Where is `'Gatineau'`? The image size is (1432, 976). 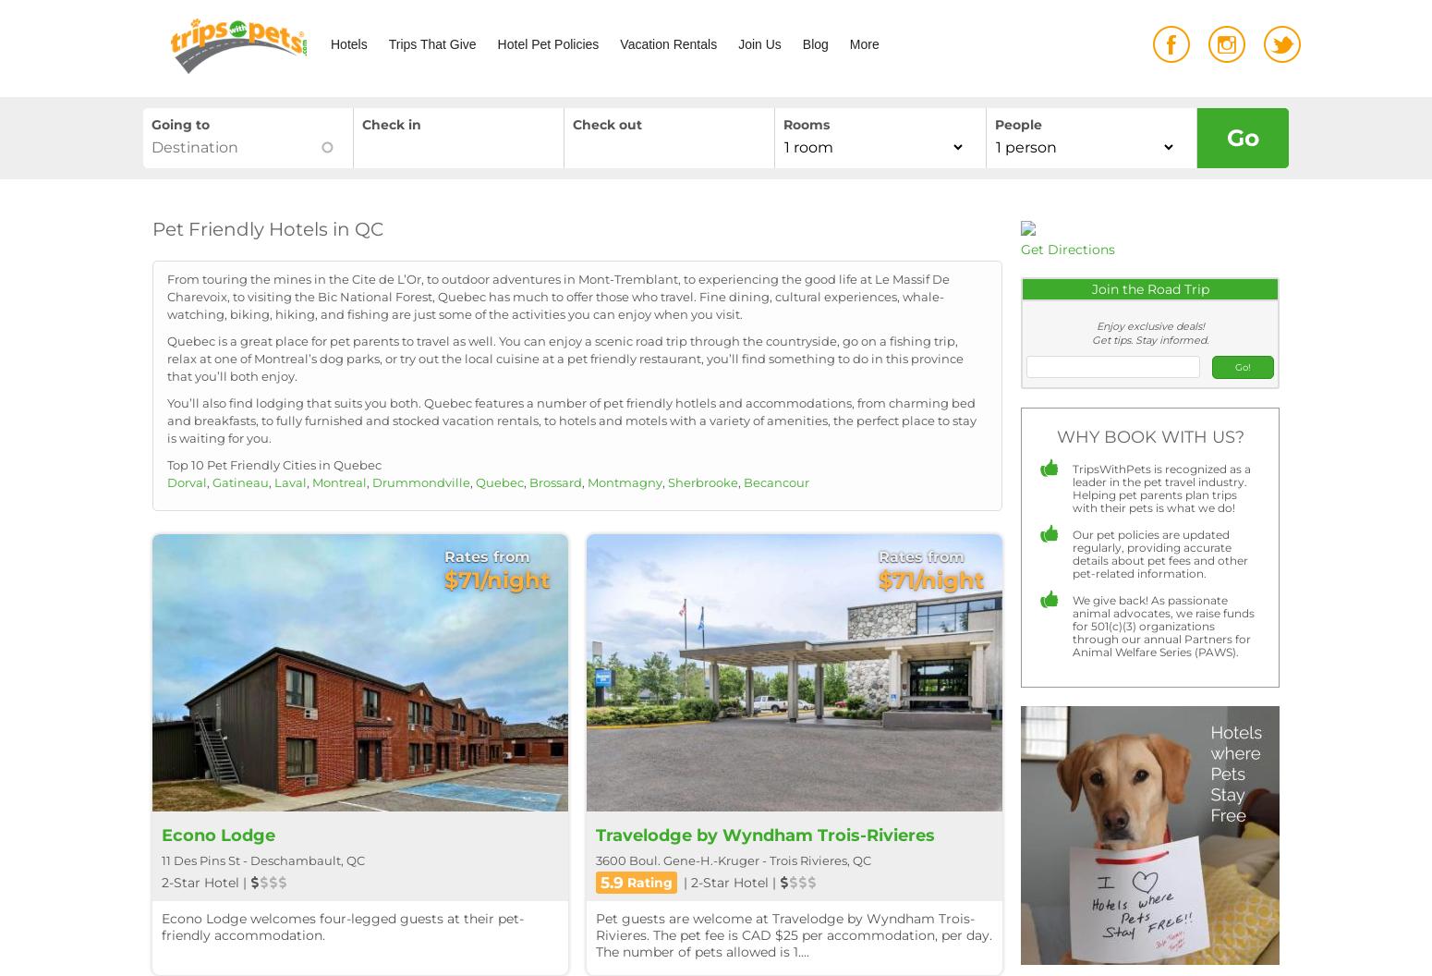
'Gatineau' is located at coordinates (212, 481).